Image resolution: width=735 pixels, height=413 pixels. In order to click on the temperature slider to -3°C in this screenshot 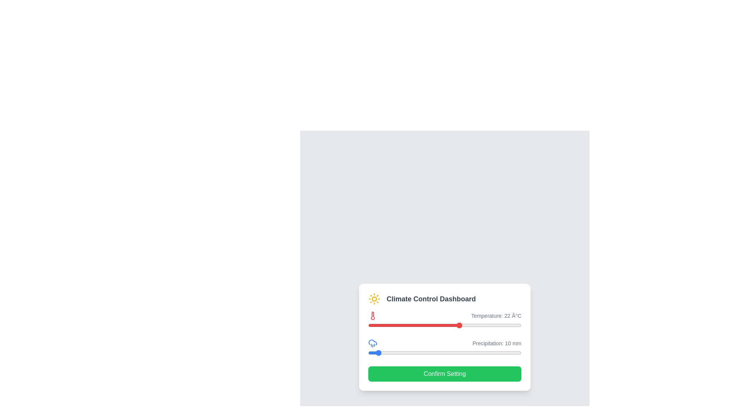, I will do `click(405, 325)`.